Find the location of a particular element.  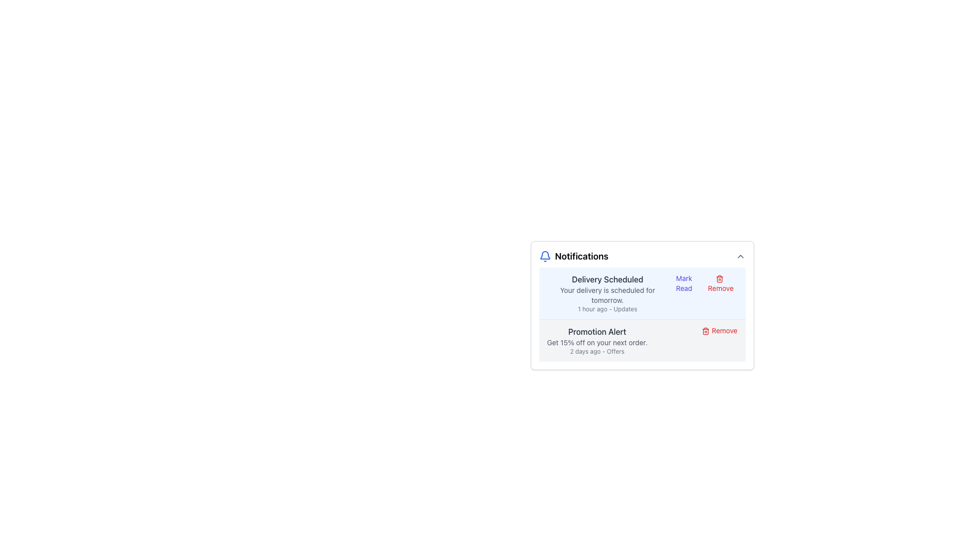

the collapse notifications button located at the far-right edge of the notification header section to visualize an interaction highlight is located at coordinates (740, 256).